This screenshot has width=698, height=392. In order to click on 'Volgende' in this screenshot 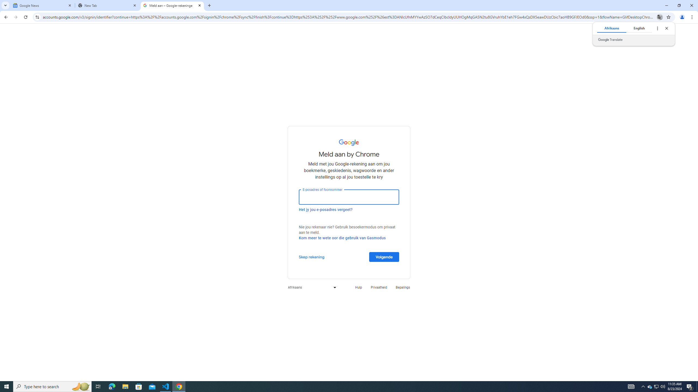, I will do `click(384, 256)`.